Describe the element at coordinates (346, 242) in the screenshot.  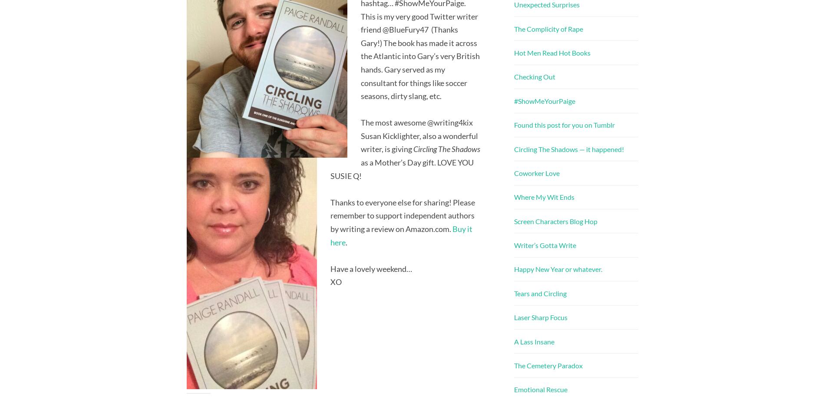
I see `'.'` at that location.